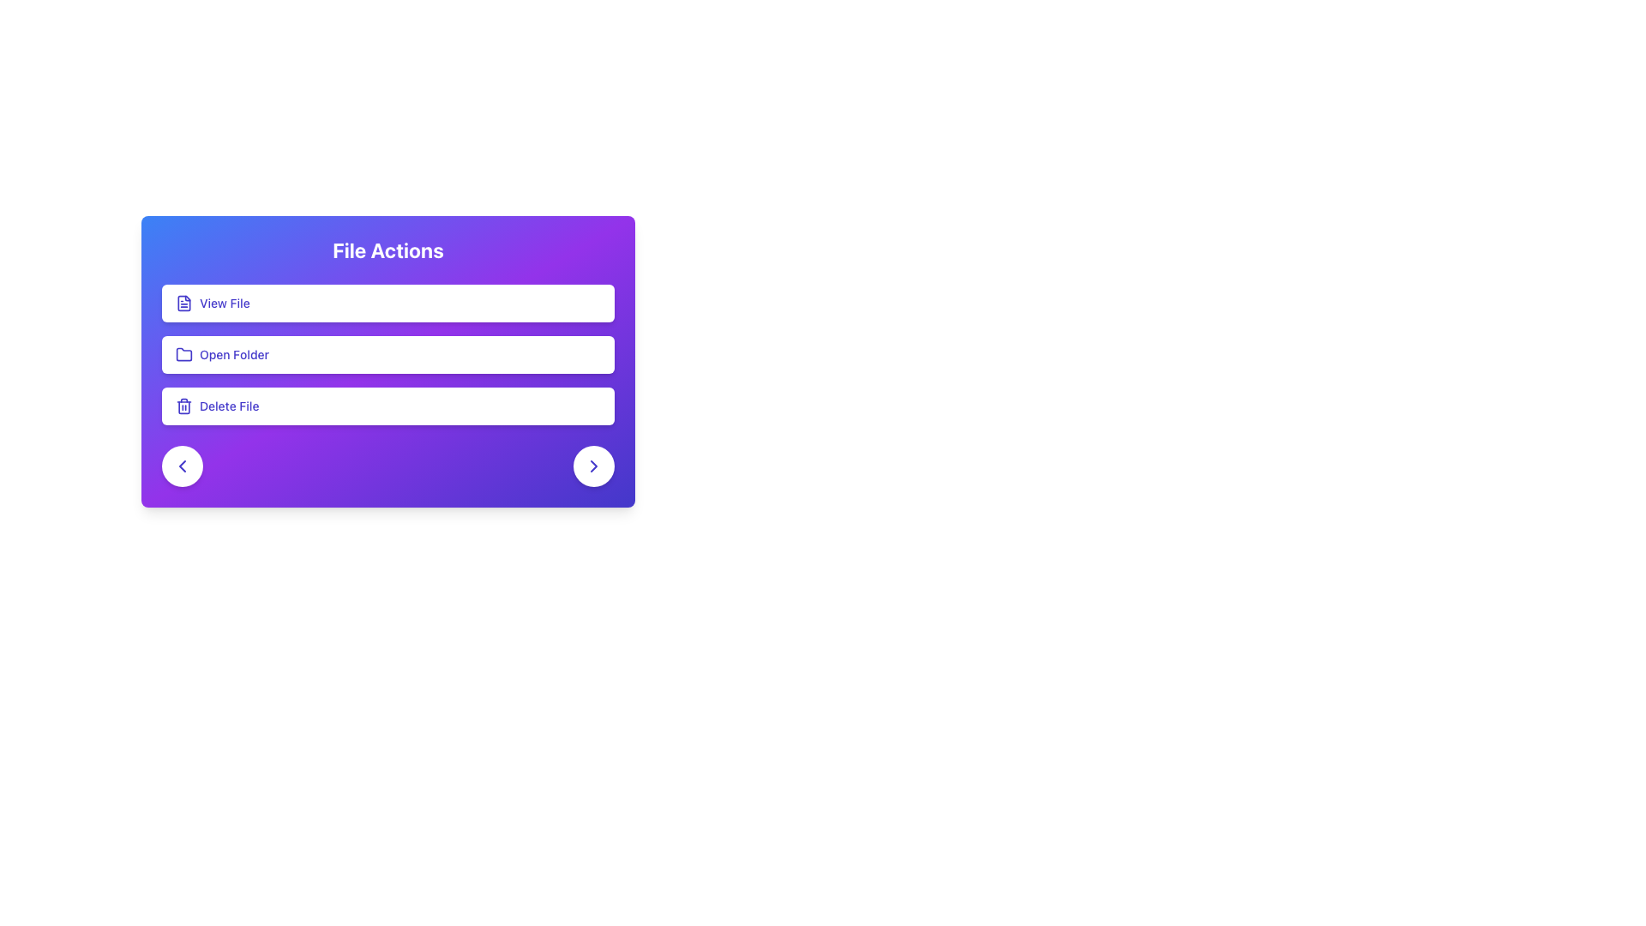 This screenshot has width=1646, height=926. I want to click on the Text label with icon located in the second row of the vertical list under 'File Actions', so click(221, 353).